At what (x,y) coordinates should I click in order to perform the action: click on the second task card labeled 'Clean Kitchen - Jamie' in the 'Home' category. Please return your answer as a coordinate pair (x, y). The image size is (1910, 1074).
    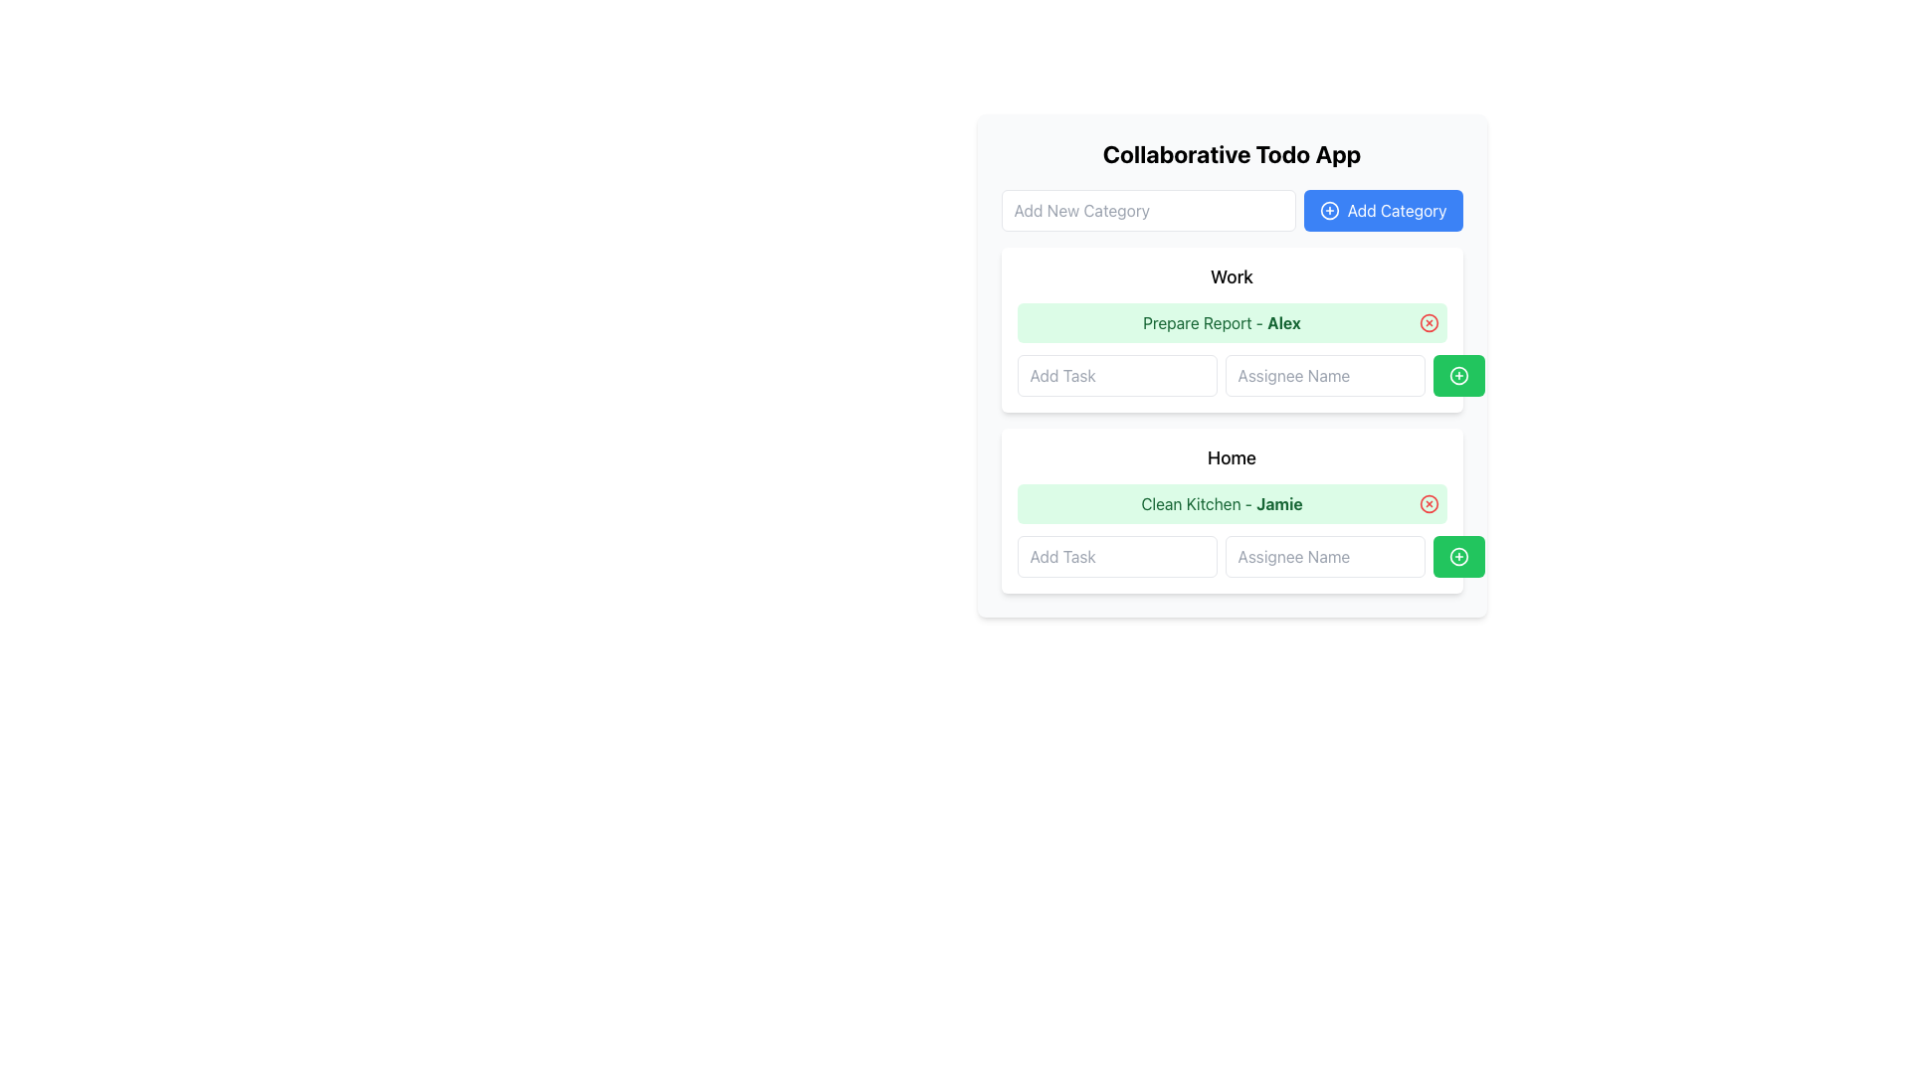
    Looking at the image, I should click on (1231, 509).